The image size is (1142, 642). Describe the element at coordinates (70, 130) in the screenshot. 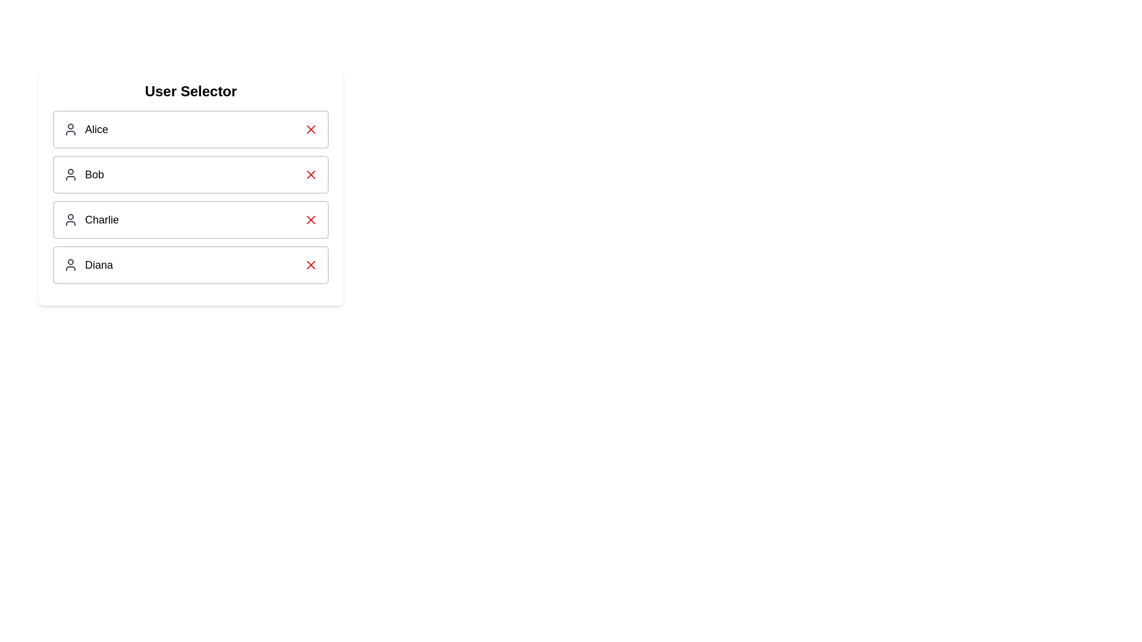

I see `the user Alice by clicking on their icon` at that location.